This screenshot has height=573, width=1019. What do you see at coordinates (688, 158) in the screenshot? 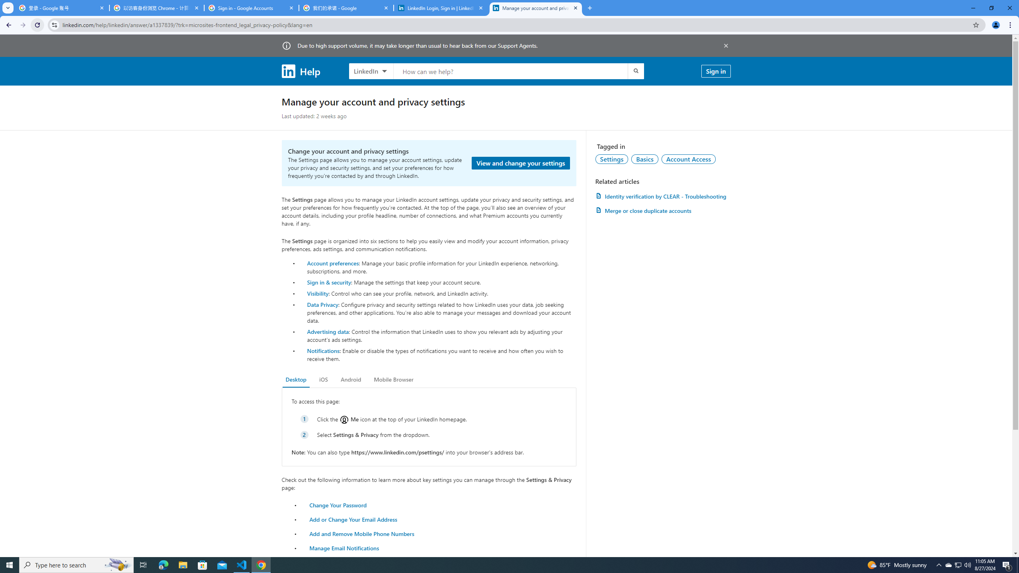
I see `'AutomationID: topic-link-a151002'` at bounding box center [688, 158].